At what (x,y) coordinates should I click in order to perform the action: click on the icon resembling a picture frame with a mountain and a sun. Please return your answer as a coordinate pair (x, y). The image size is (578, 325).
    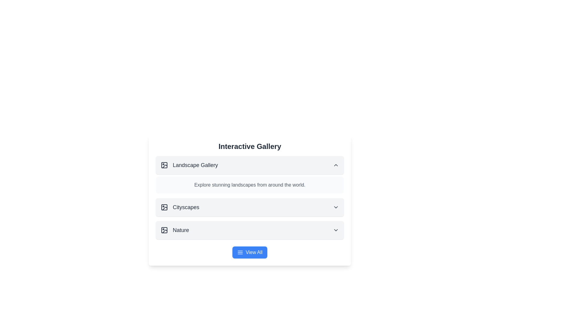
    Looking at the image, I should click on (164, 207).